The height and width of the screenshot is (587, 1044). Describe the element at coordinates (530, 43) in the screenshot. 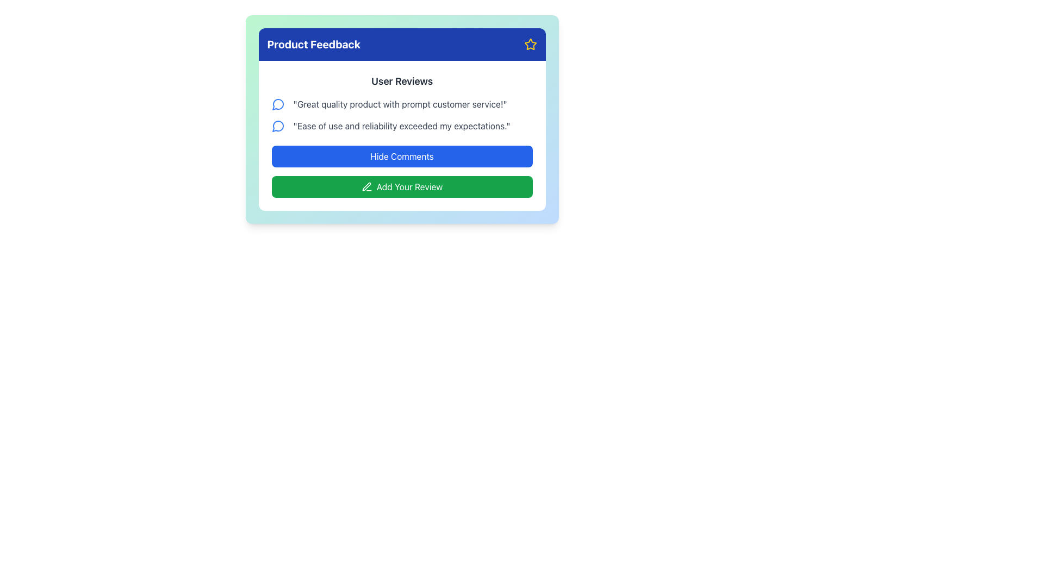

I see `the decorative icon in the top-right corner of the blue header area of the 'Product Feedback' panel` at that location.